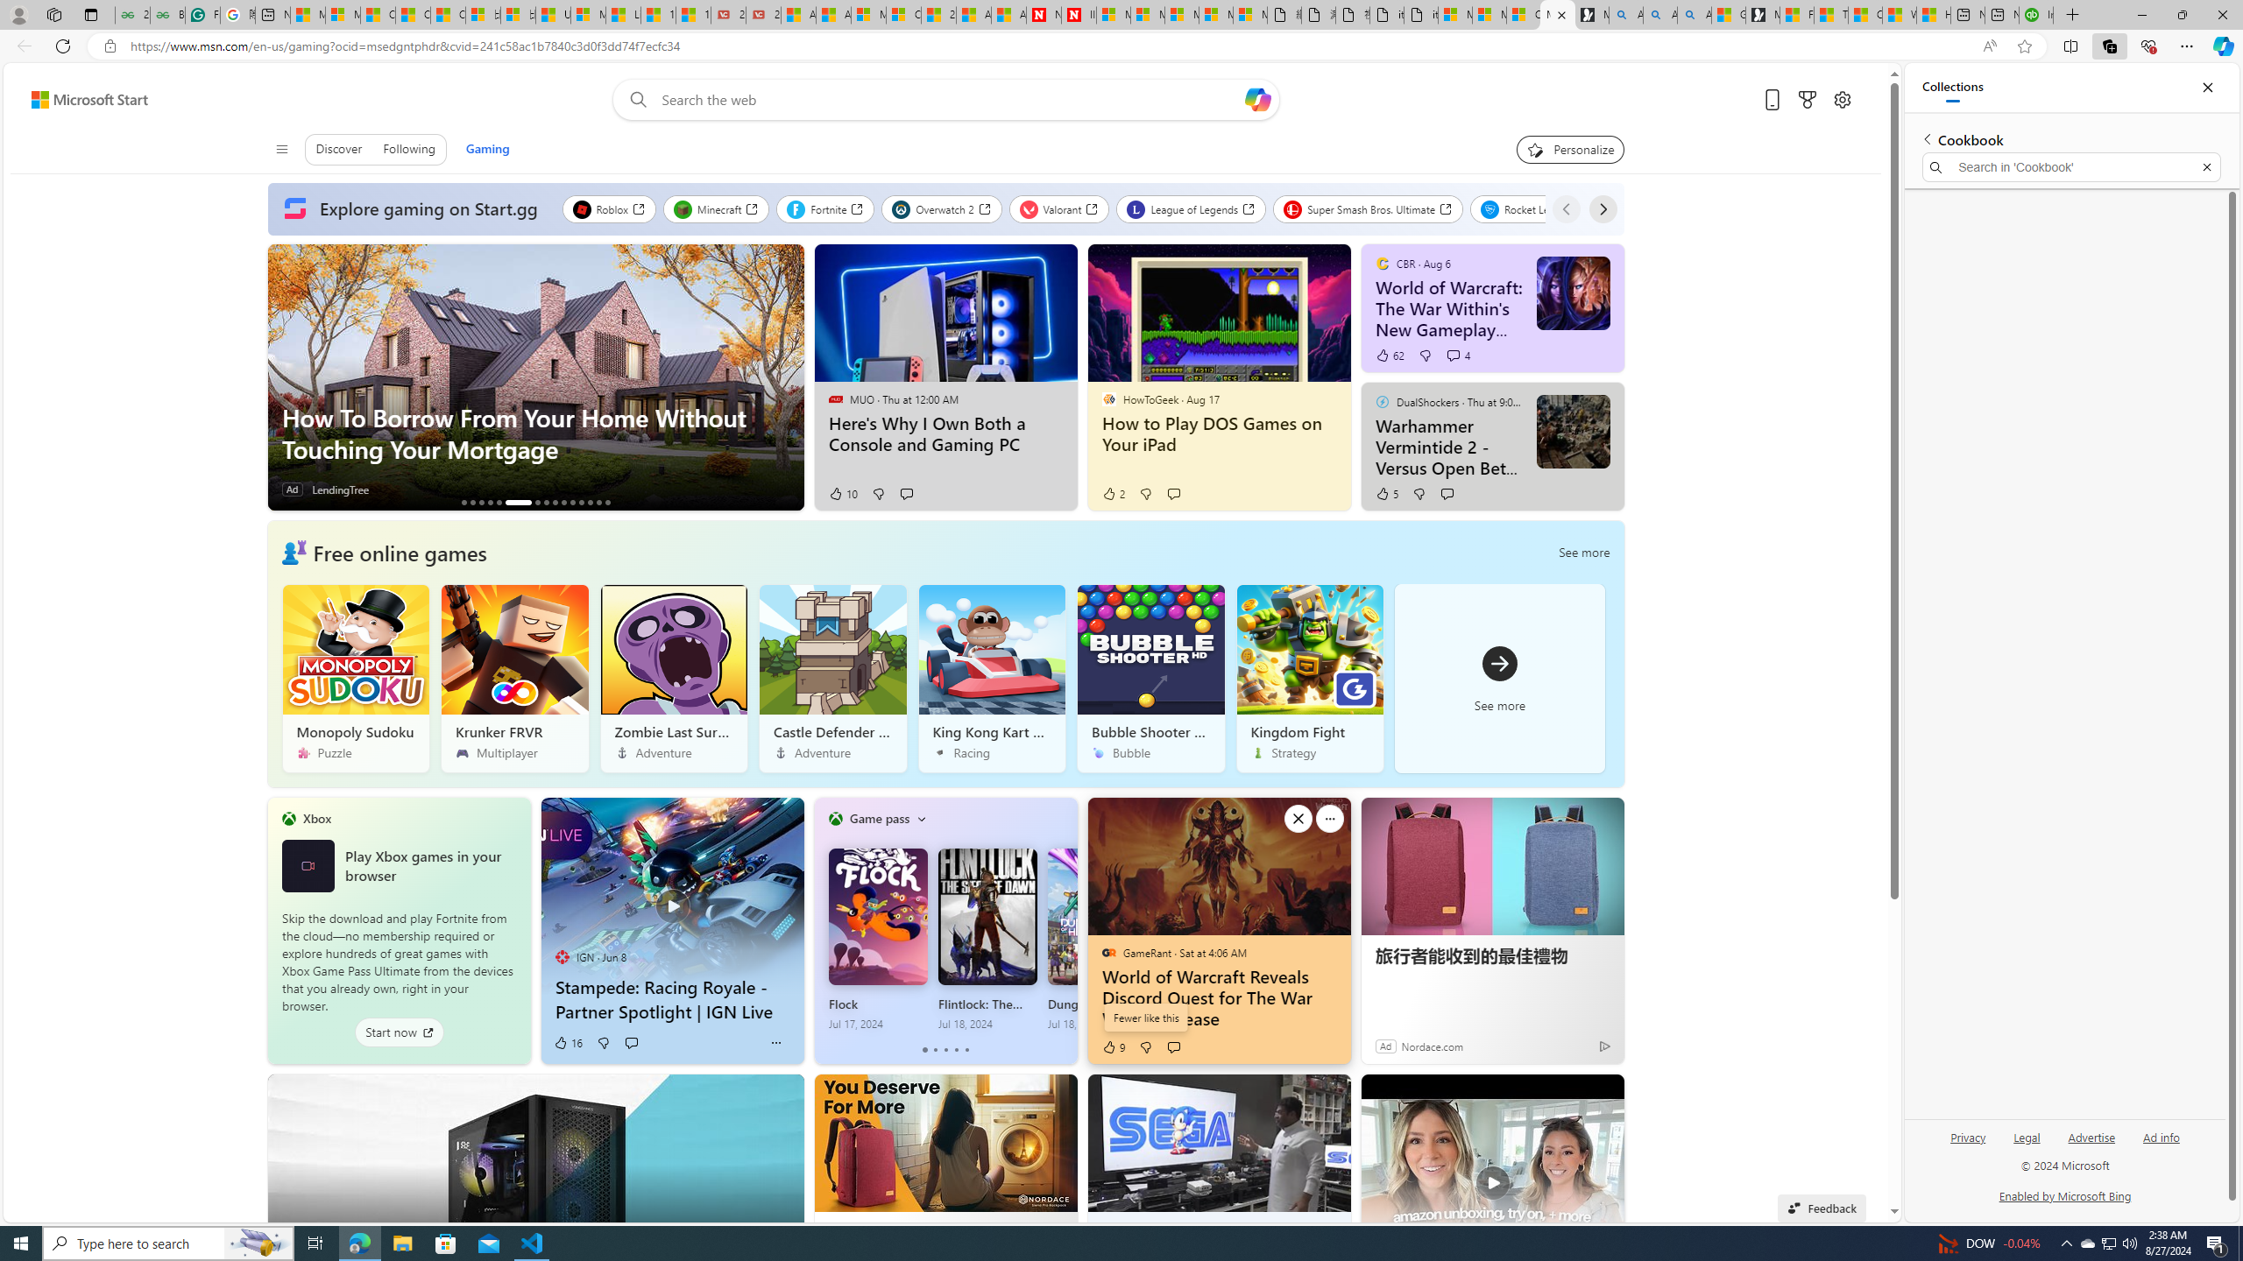 Image resolution: width=2243 pixels, height=1261 pixels. I want to click on 'AutomationID: tab_nativead-infopane-14', so click(598, 503).